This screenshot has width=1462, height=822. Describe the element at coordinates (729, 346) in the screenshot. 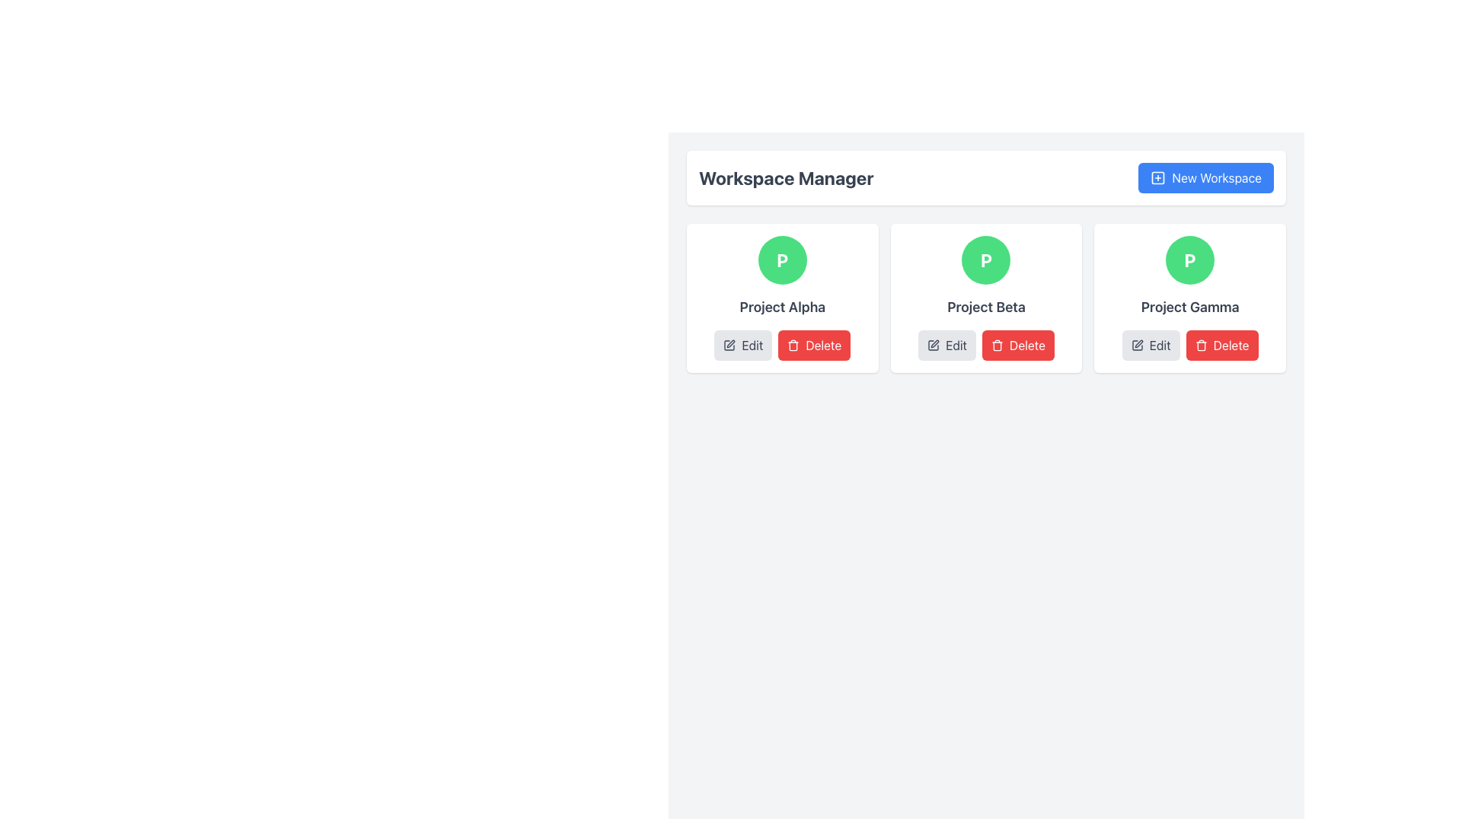

I see `the pen icon located to the left of the 'Edit' text in the button with a light gray background within the 'Project Alpha' card in the 'Workspace Manager' grid` at that location.